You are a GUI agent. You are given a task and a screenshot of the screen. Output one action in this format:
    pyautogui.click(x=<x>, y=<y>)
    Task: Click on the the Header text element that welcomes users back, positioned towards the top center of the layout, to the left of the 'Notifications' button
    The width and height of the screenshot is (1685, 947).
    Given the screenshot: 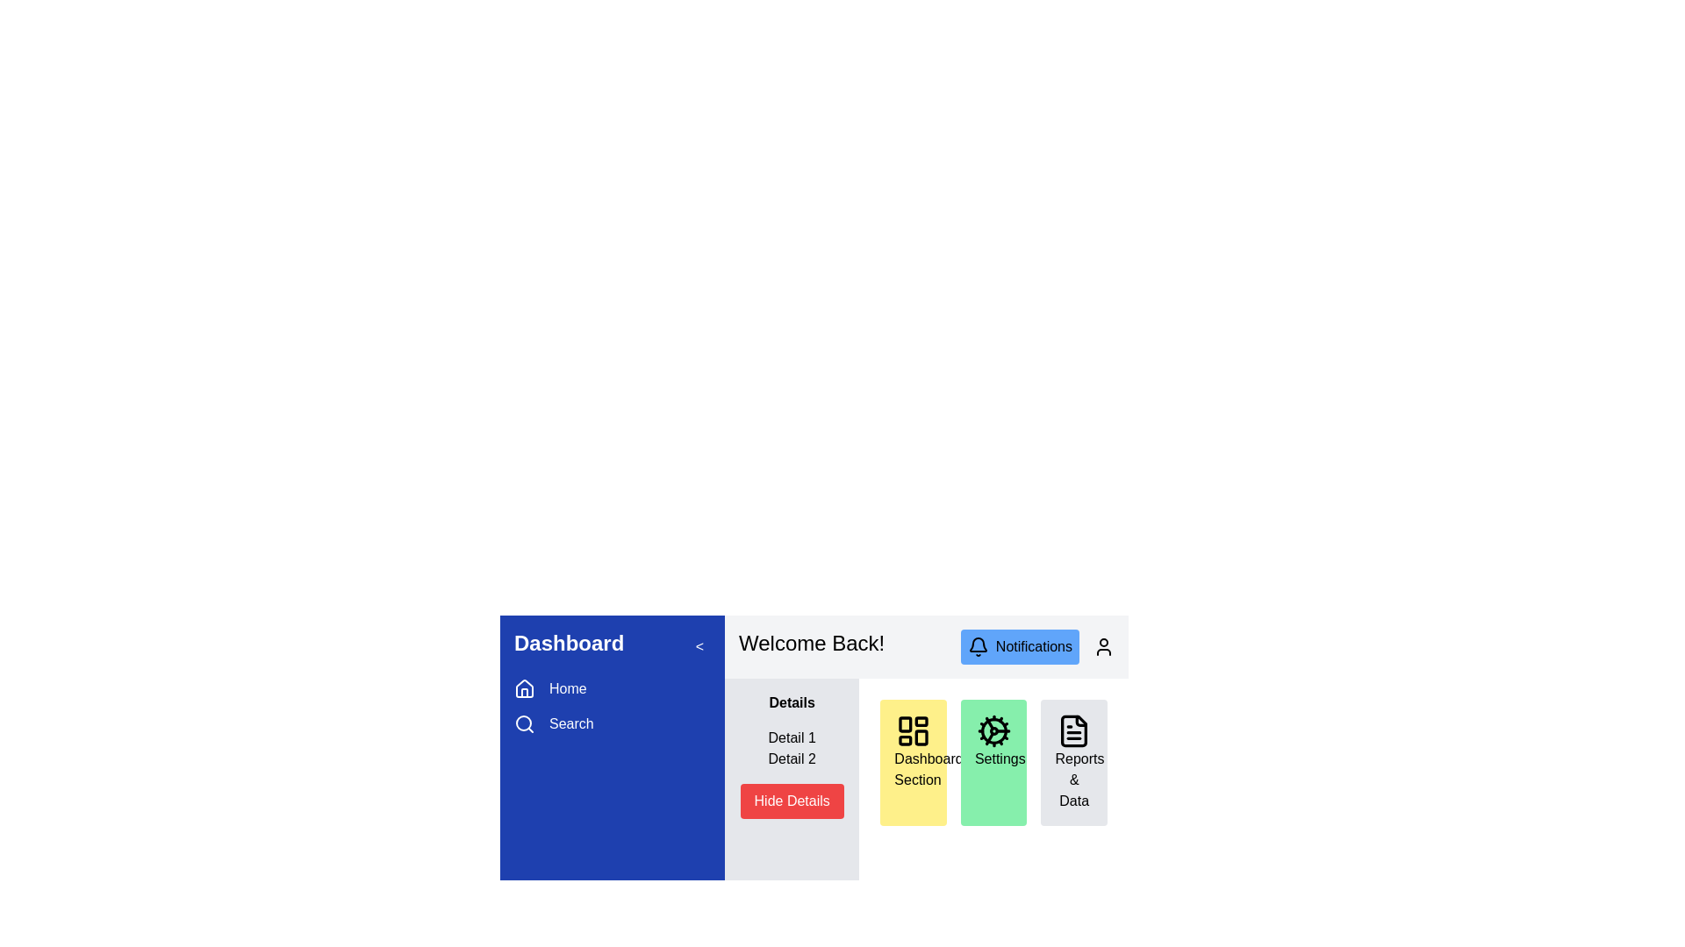 What is the action you would take?
    pyautogui.click(x=811, y=646)
    